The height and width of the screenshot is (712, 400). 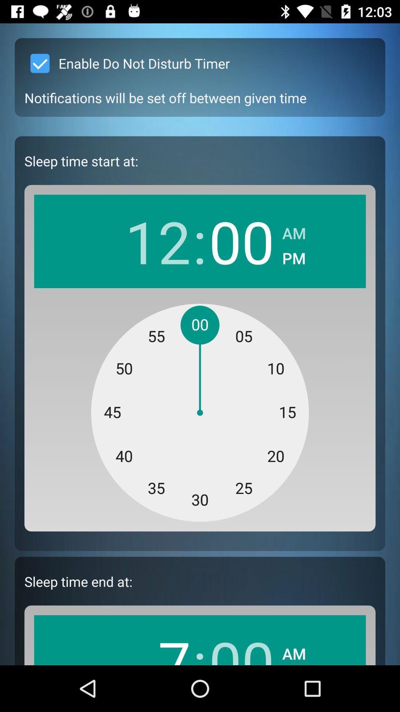 I want to click on item next to : app, so click(x=157, y=241).